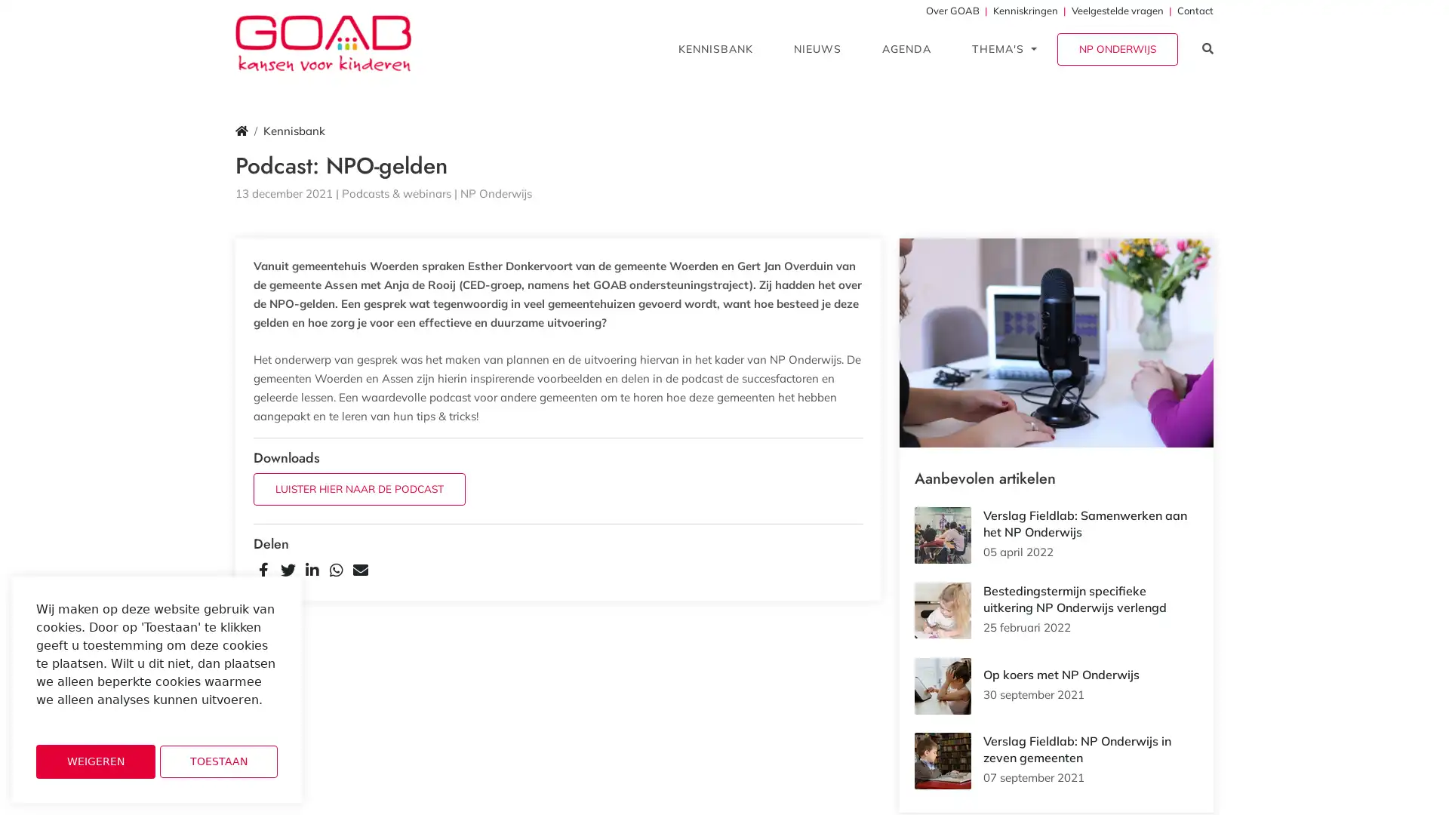 The width and height of the screenshot is (1449, 815). I want to click on dismiss cookie message, so click(94, 761).